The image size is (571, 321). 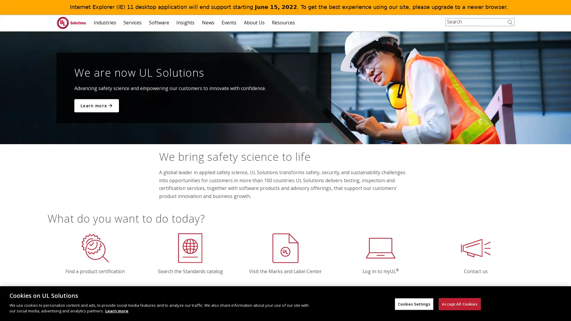 I want to click on Accept All Cookies, so click(x=459, y=304).